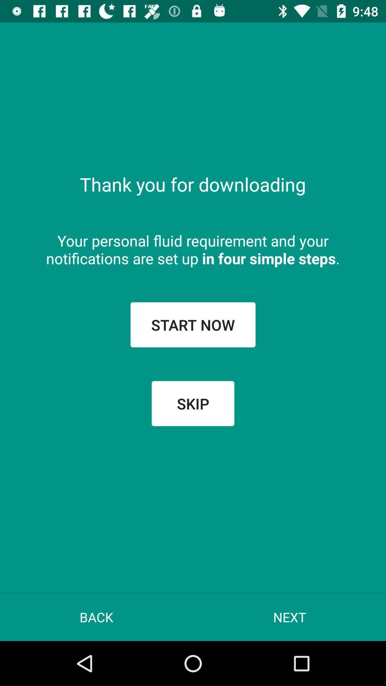 The image size is (386, 686). Describe the element at coordinates (193, 324) in the screenshot. I see `the start now button` at that location.